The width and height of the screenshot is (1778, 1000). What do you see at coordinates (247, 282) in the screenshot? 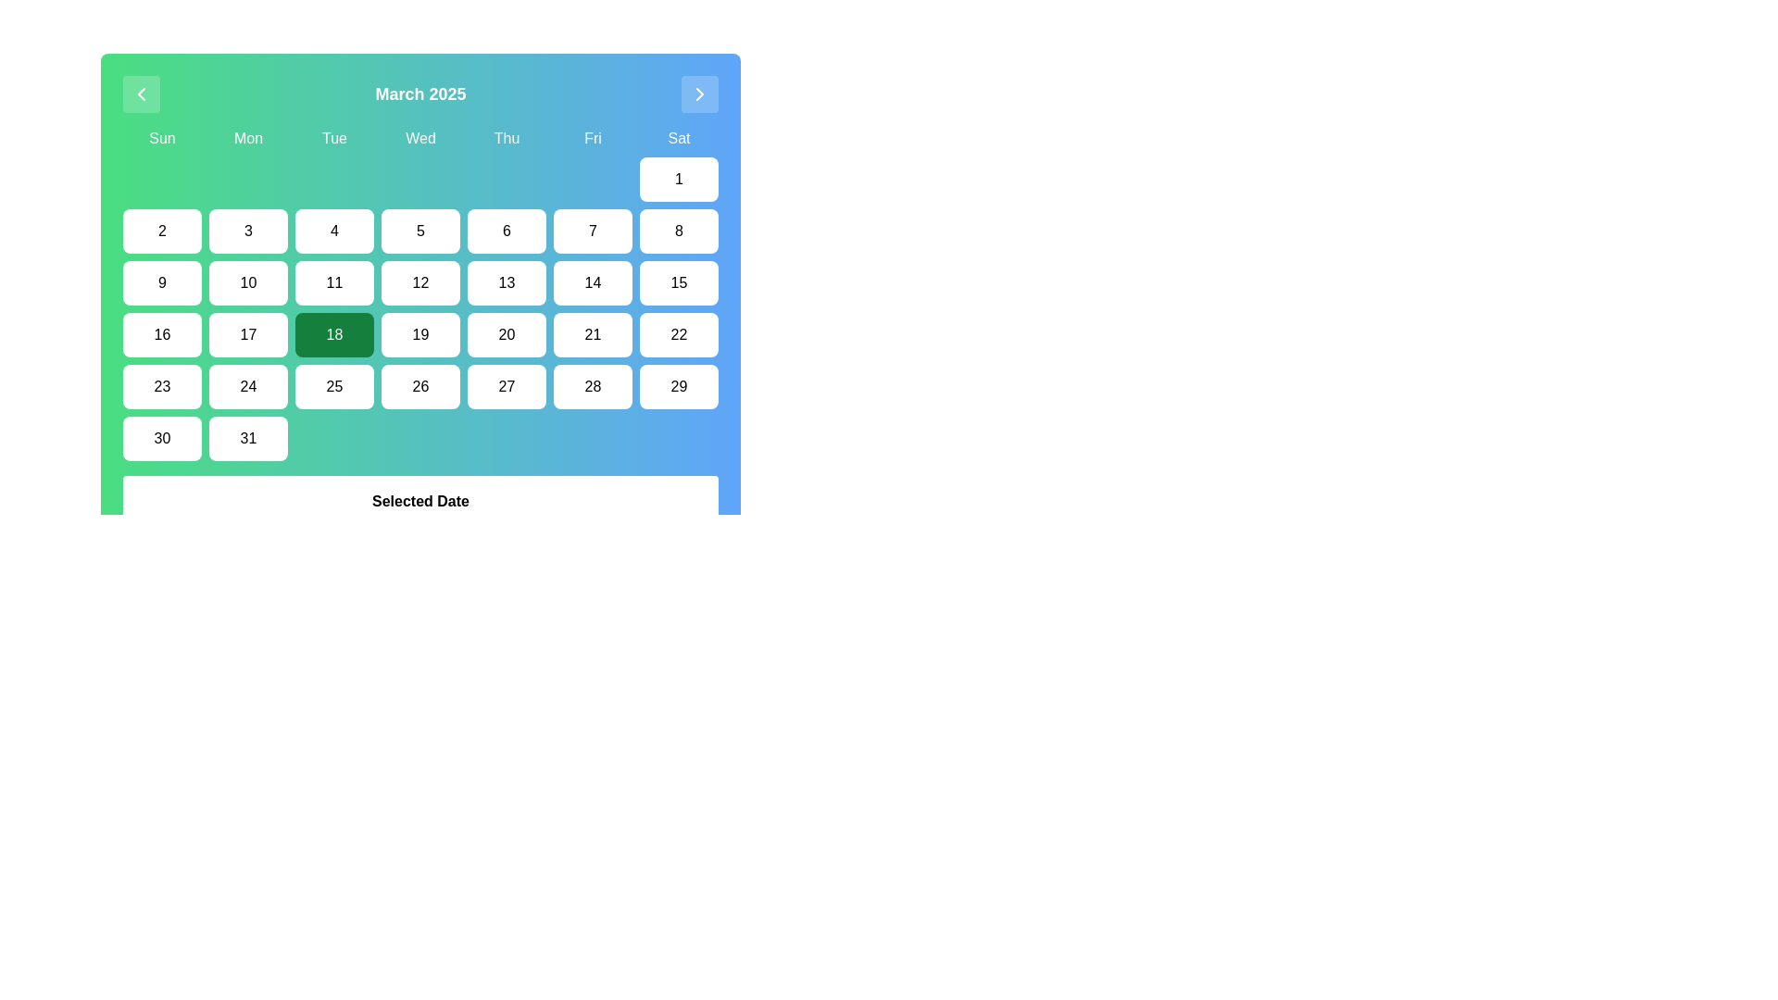
I see `the button` at bounding box center [247, 282].